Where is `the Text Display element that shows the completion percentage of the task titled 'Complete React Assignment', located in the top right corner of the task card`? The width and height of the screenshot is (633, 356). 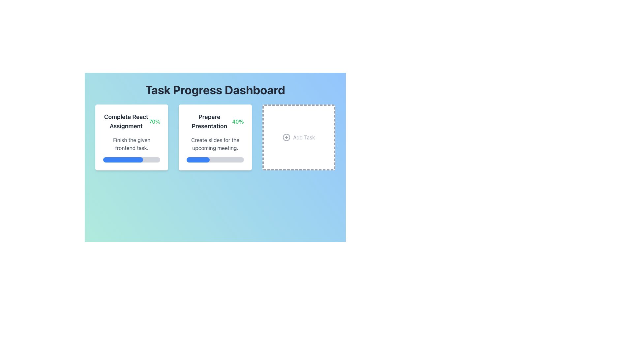
the Text Display element that shows the completion percentage of the task titled 'Complete React Assignment', located in the top right corner of the task card is located at coordinates (154, 122).